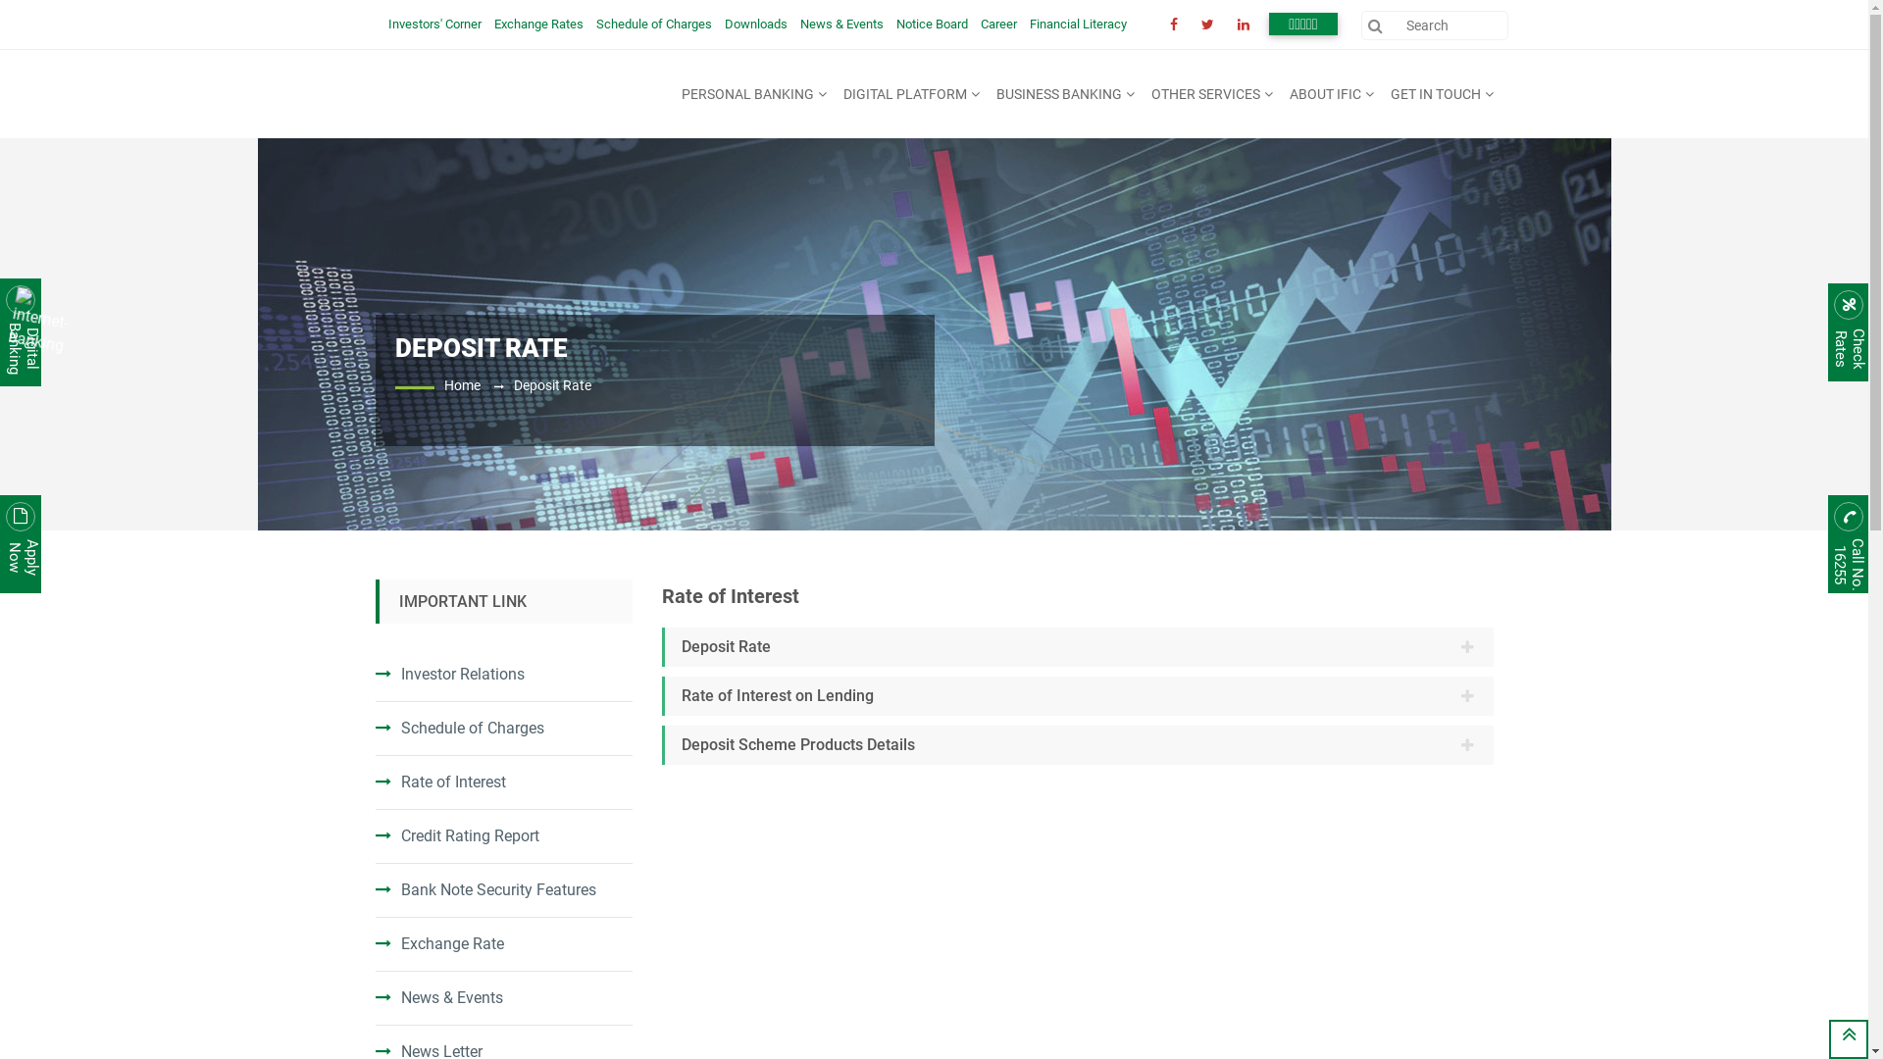  I want to click on 'Downloads', so click(753, 24).